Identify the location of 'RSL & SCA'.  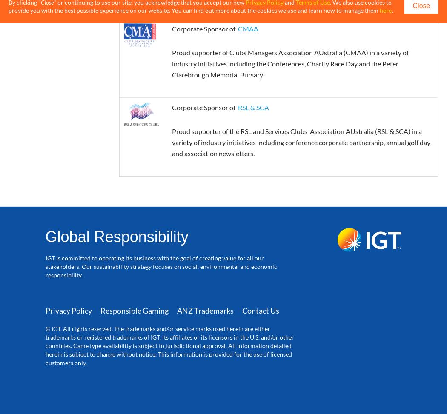
(252, 106).